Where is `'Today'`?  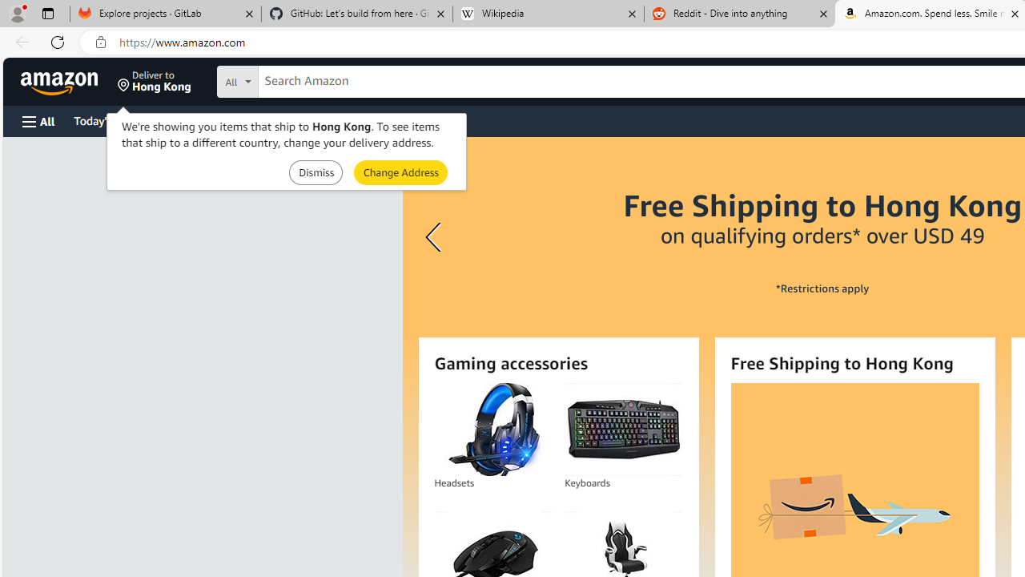
'Today' is located at coordinates (107, 119).